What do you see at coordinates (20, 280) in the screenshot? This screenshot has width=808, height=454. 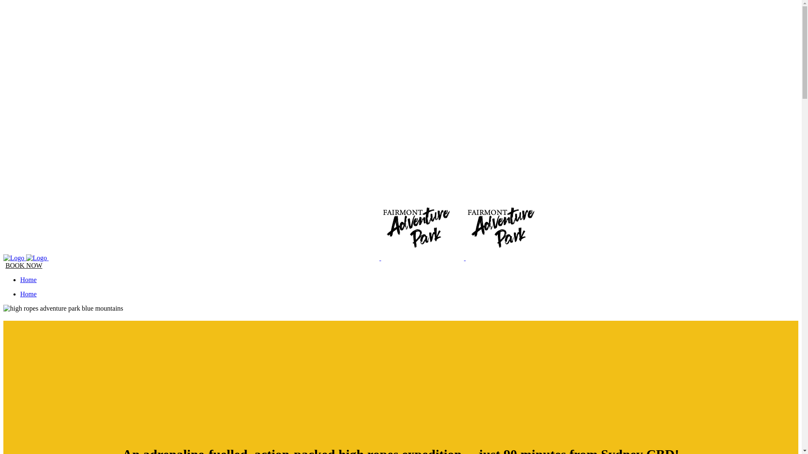 I see `'Home'` at bounding box center [20, 280].